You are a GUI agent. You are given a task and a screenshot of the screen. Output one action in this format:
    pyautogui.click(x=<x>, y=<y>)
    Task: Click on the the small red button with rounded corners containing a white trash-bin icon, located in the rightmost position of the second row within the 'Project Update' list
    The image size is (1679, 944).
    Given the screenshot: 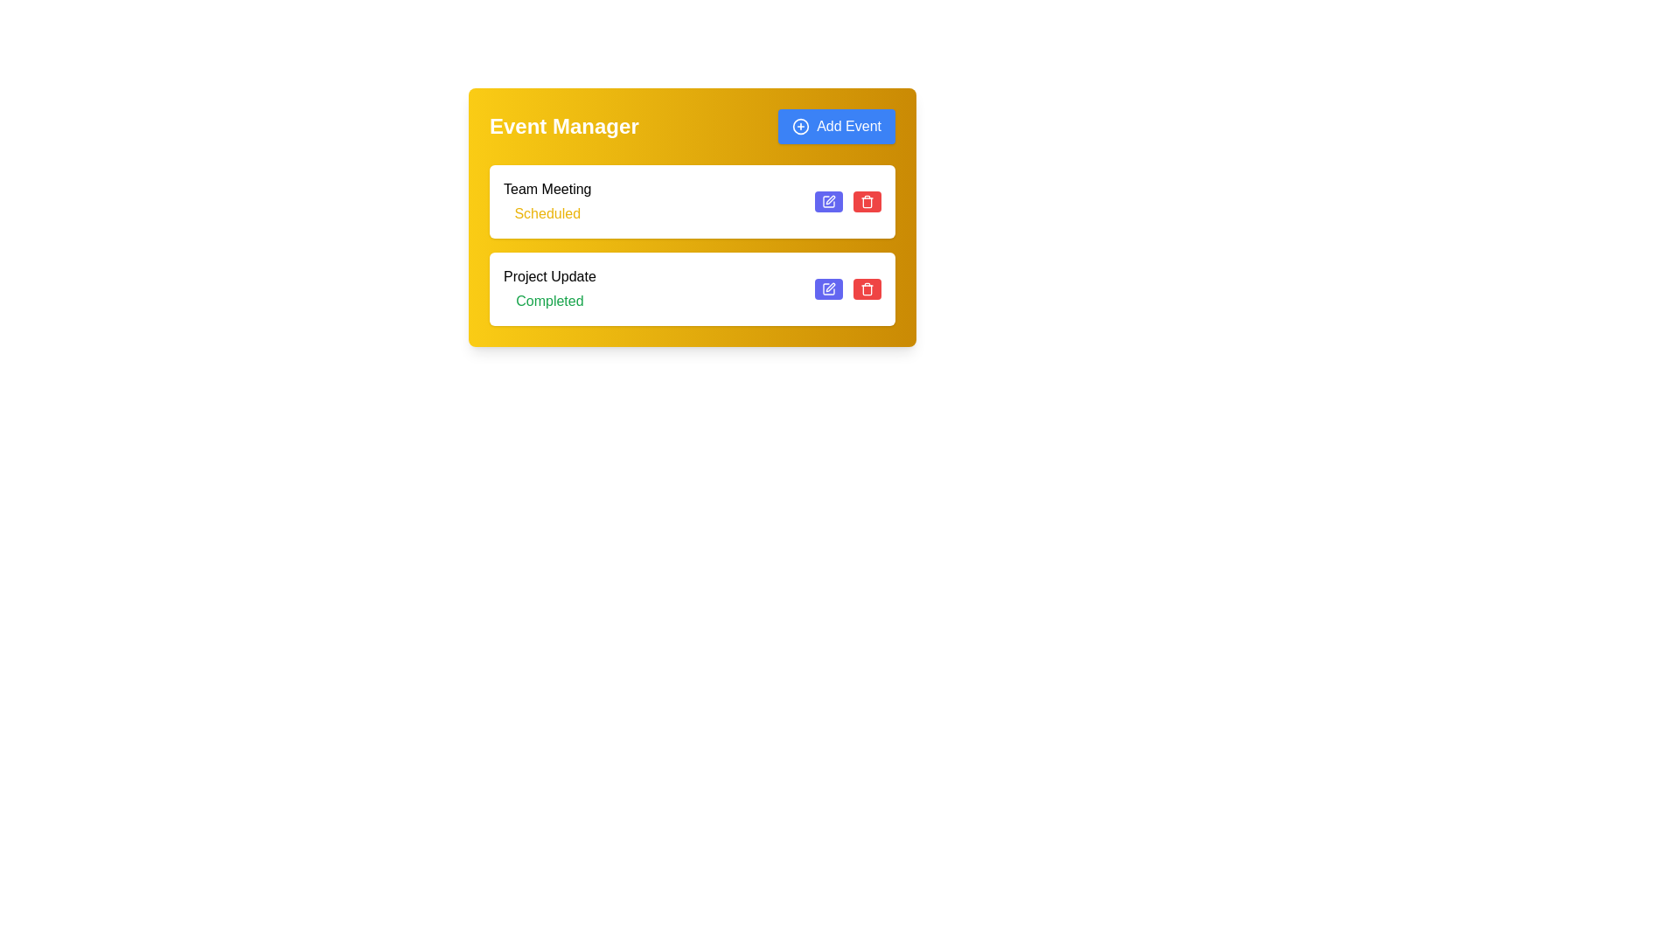 What is the action you would take?
    pyautogui.click(x=867, y=201)
    